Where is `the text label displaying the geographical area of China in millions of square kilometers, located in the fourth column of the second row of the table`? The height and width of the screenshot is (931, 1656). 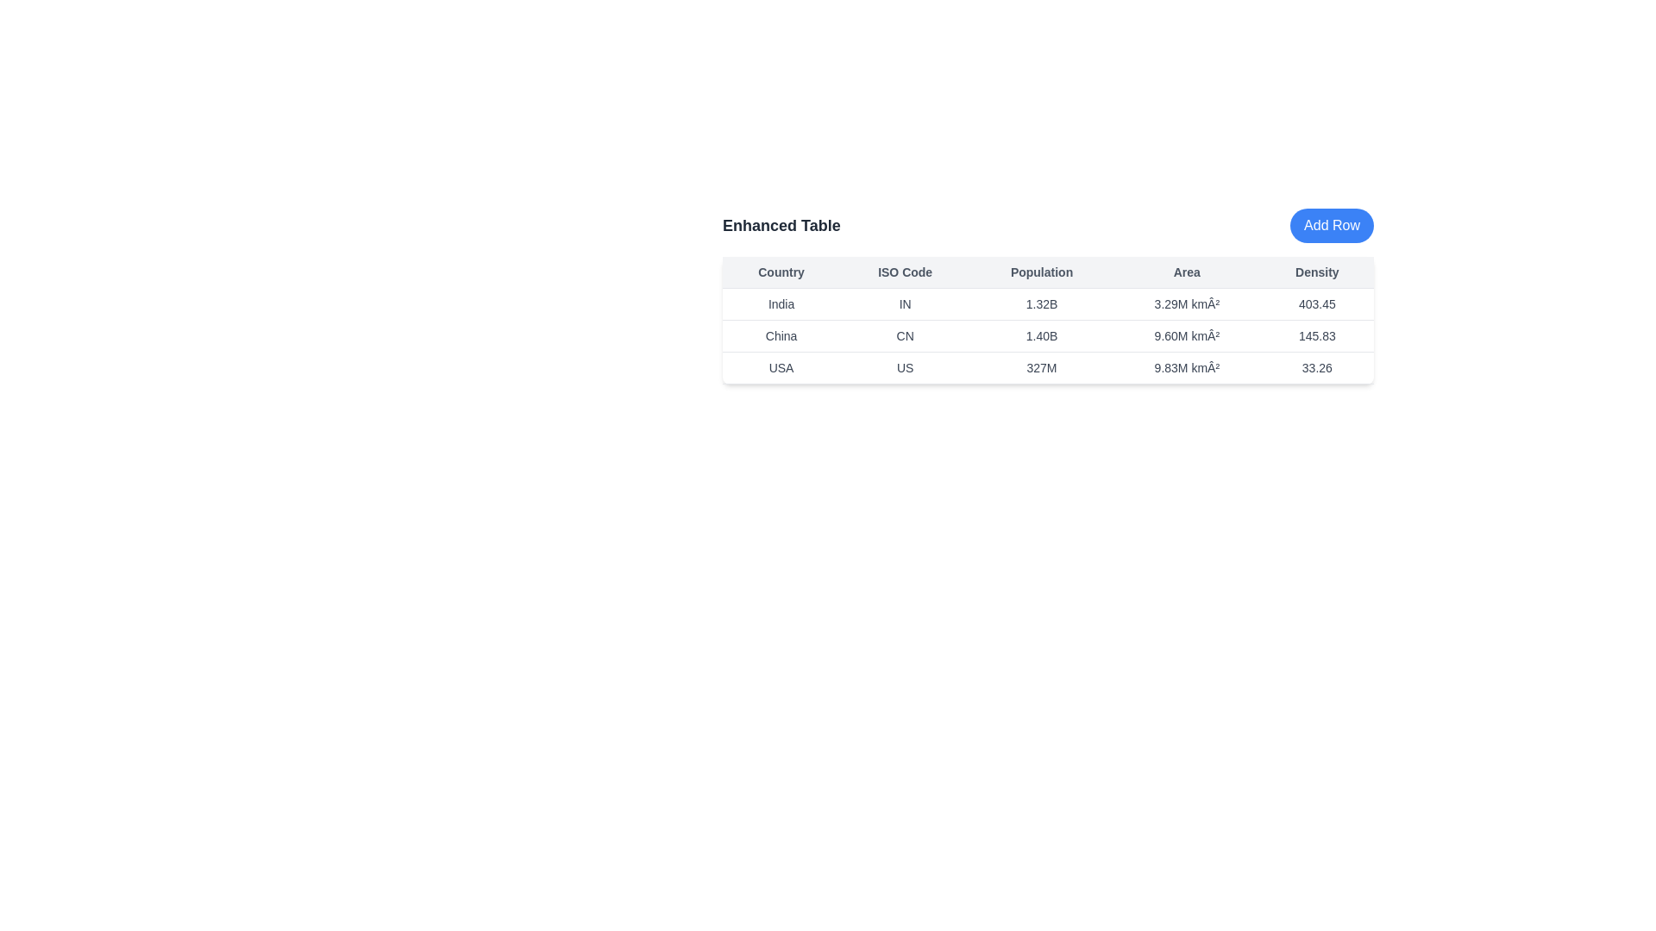
the text label displaying the geographical area of China in millions of square kilometers, located in the fourth column of the second row of the table is located at coordinates (1186, 335).